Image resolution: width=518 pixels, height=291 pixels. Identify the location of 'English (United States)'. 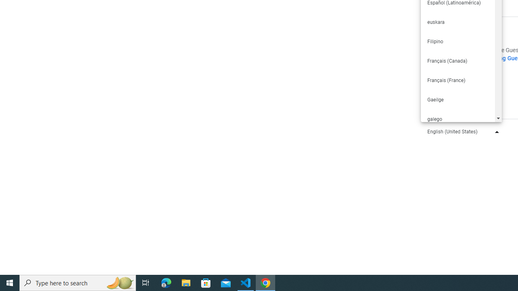
(461, 131).